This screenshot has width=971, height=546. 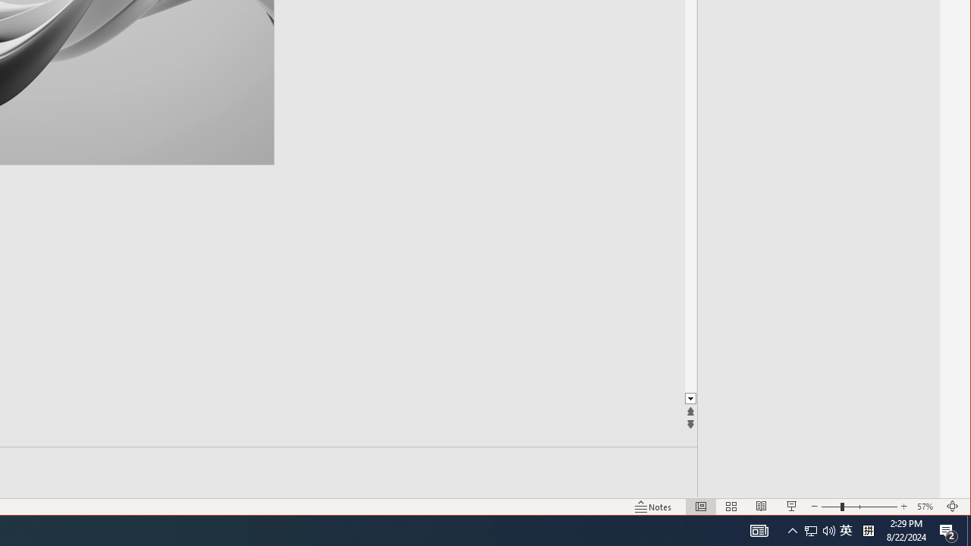 I want to click on 'Zoom 57%', so click(x=926, y=507).